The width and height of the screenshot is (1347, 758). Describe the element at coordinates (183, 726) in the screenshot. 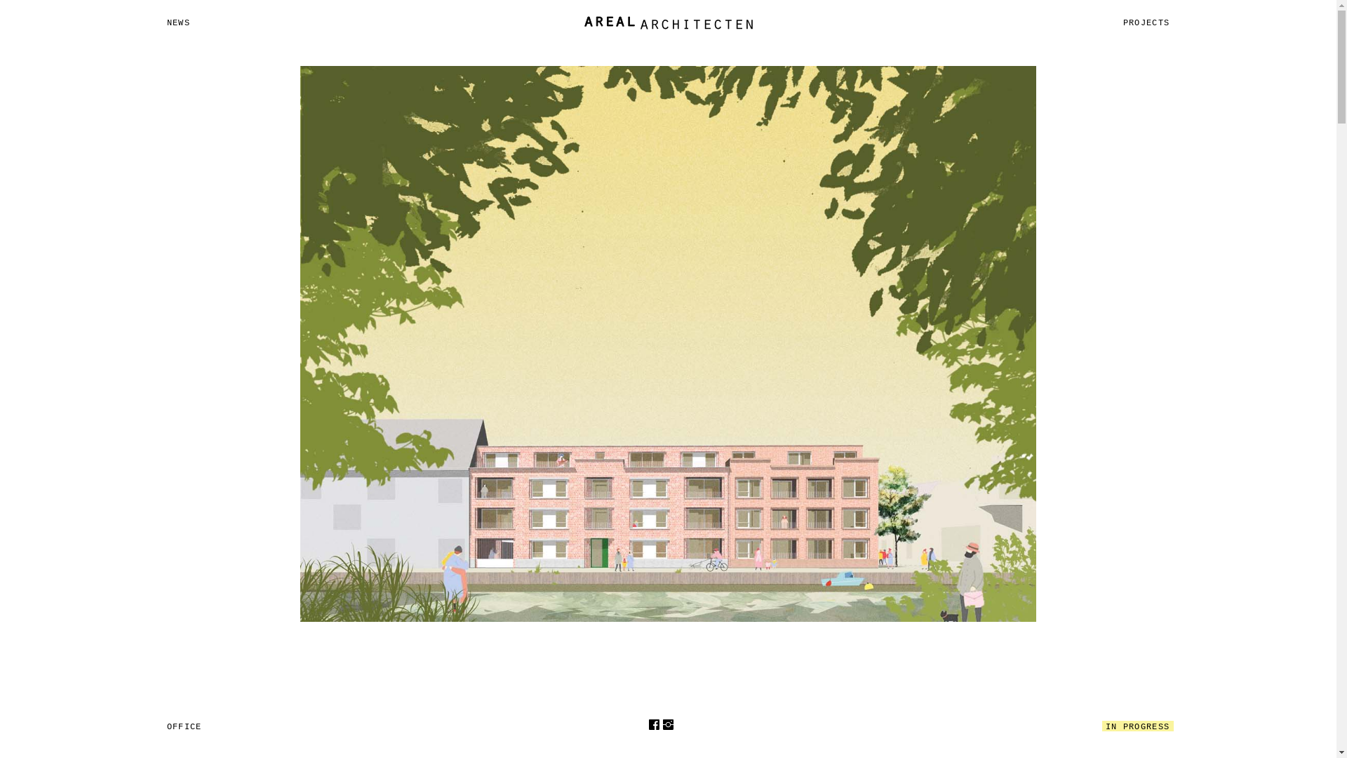

I see `'OFFICE'` at that location.